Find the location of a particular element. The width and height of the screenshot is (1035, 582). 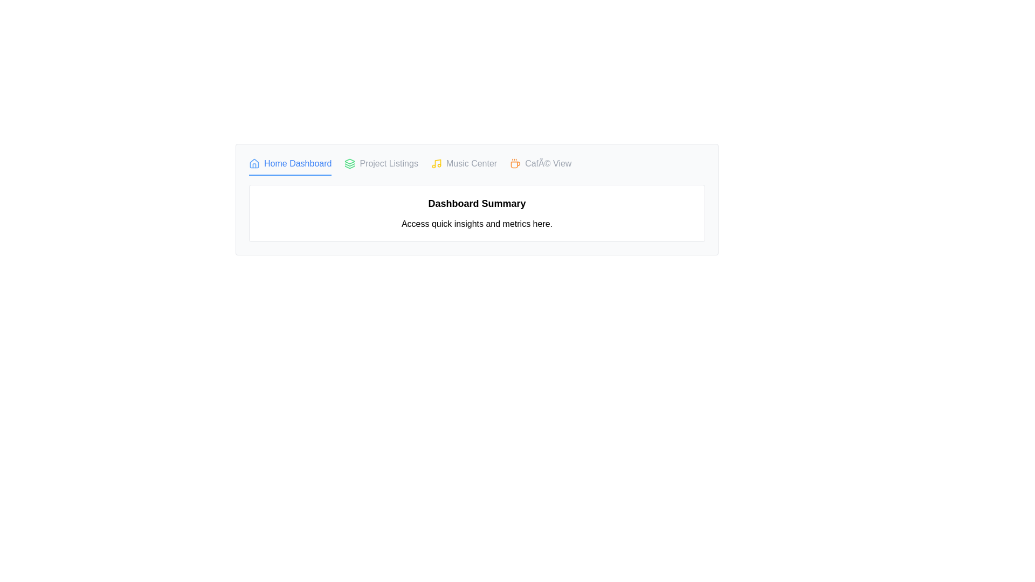

the 'Café View' text label in the upper navigation menu, located to the right of 'Music Center' is located at coordinates (548, 164).